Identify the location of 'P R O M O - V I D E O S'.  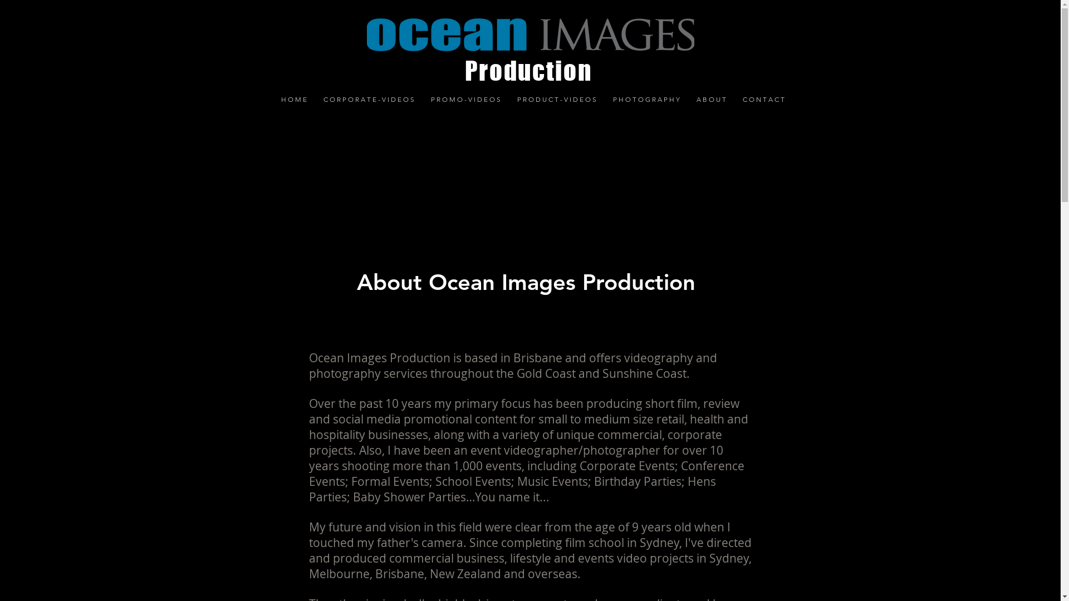
(465, 98).